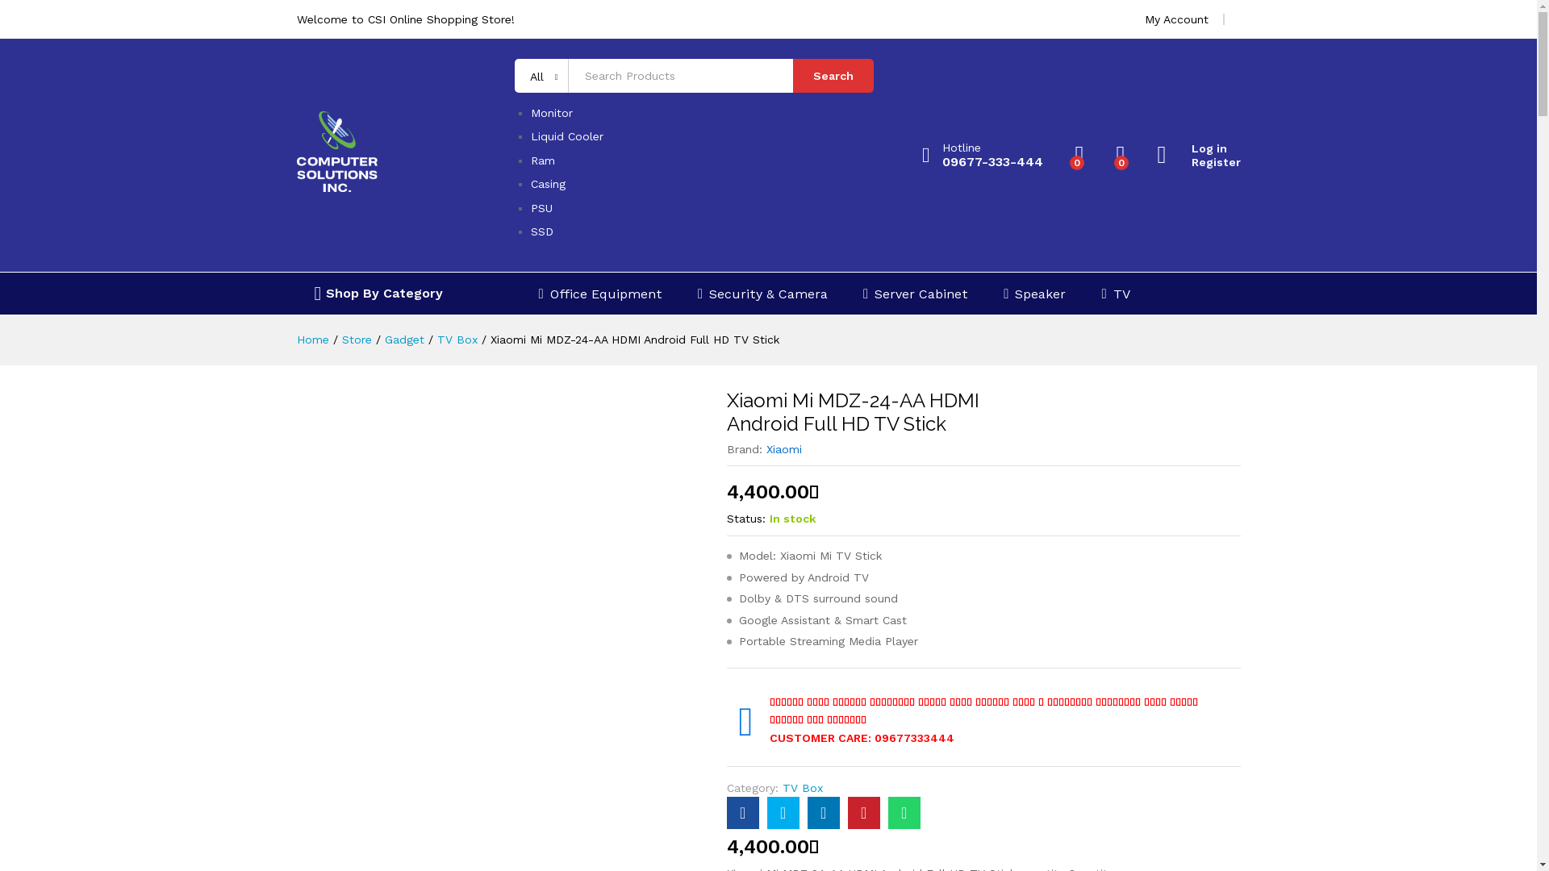 Image resolution: width=1549 pixels, height=871 pixels. I want to click on 'TV Box', so click(456, 338).